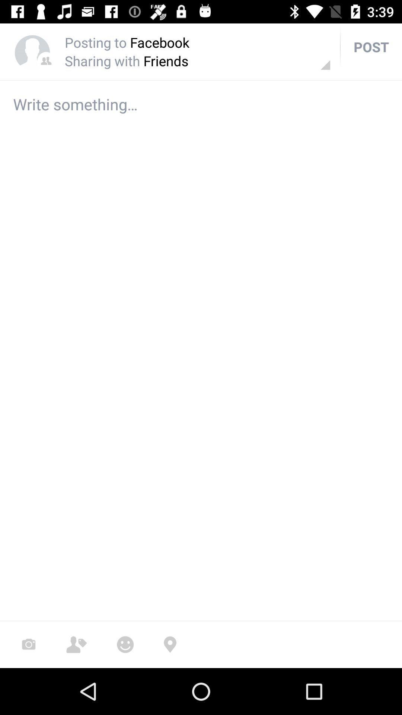 This screenshot has height=715, width=402. What do you see at coordinates (28, 644) in the screenshot?
I see `the photo icon` at bounding box center [28, 644].